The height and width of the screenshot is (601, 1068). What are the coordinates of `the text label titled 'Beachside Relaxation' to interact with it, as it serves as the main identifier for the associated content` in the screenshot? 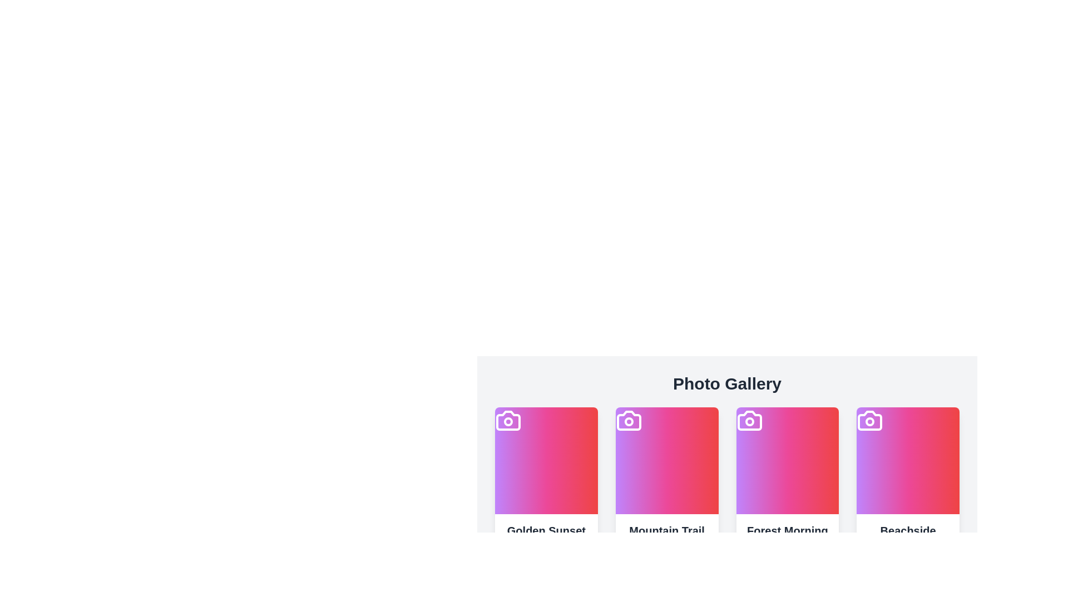 It's located at (908, 538).